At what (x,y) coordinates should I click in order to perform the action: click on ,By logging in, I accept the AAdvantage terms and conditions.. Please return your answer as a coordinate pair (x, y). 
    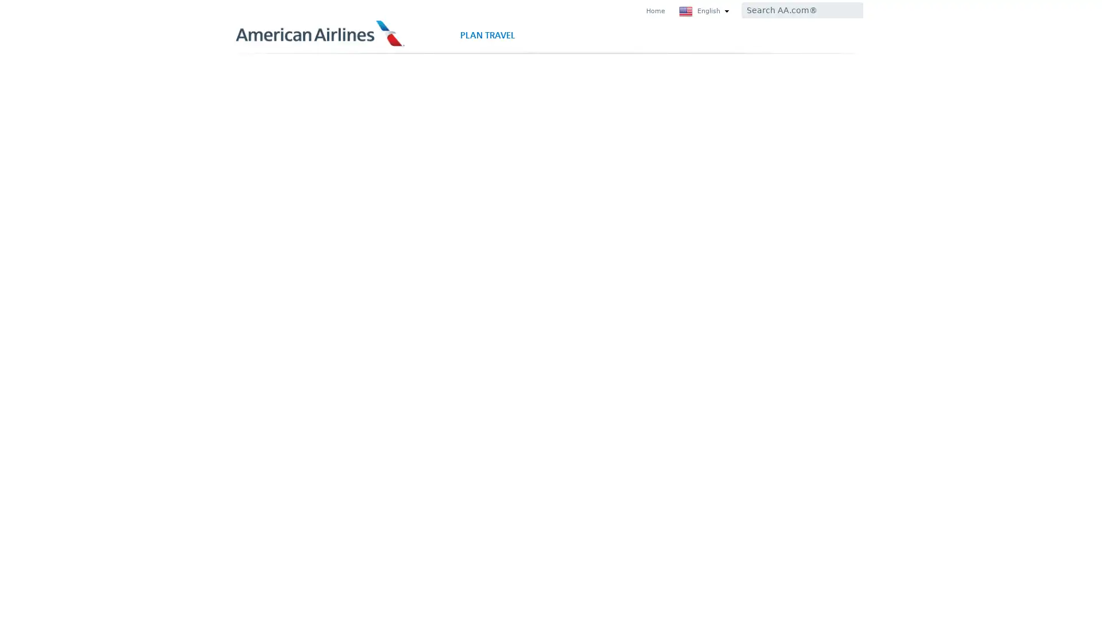
    Looking at the image, I should click on (328, 346).